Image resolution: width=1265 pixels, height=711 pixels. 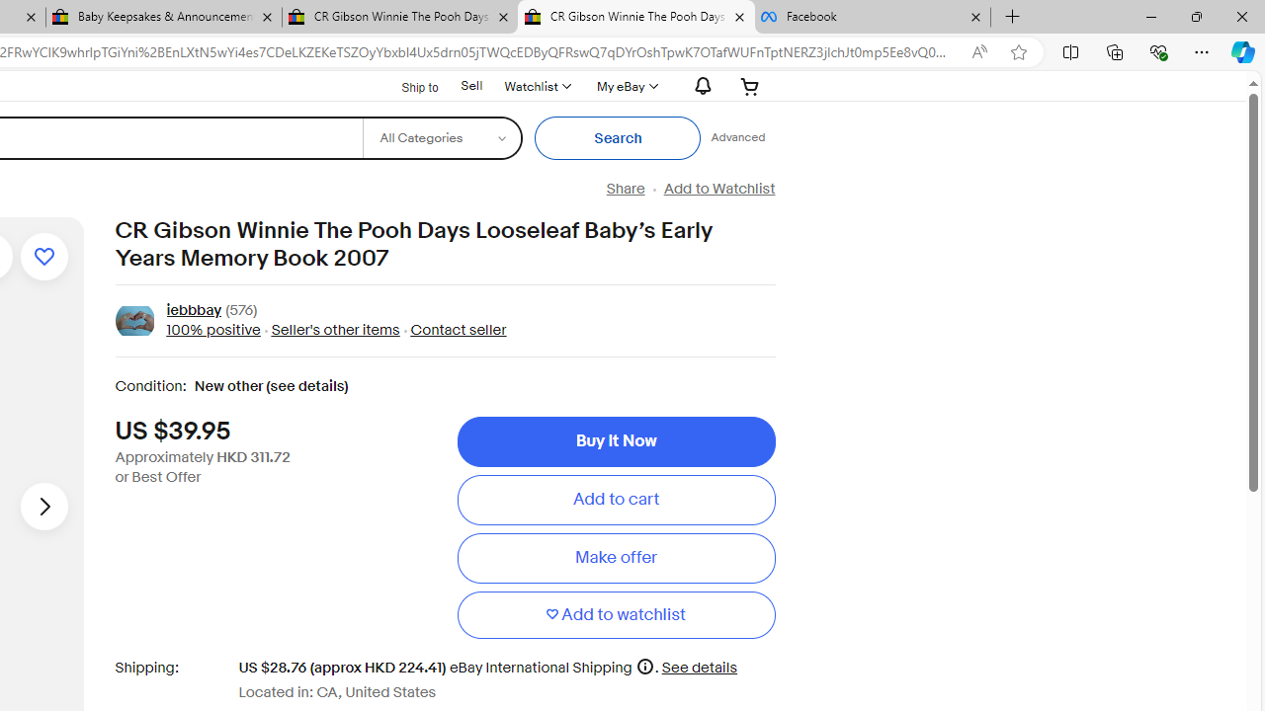 I want to click on 'Sell', so click(x=470, y=84).